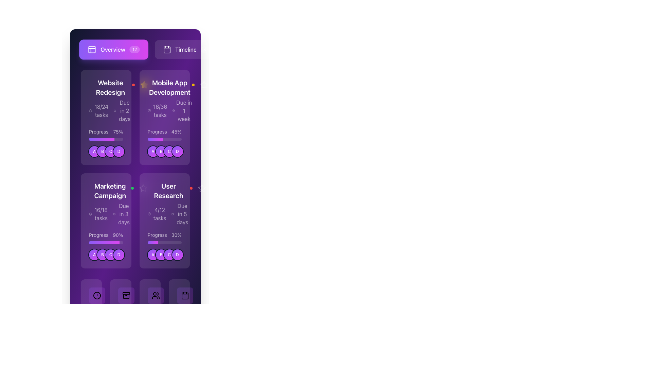  Describe the element at coordinates (119, 151) in the screenshot. I see `the Avatar component labeled 'D', which is the fourth circle in a horizontal row of identifiers in the 'Website Redesign' card` at that location.